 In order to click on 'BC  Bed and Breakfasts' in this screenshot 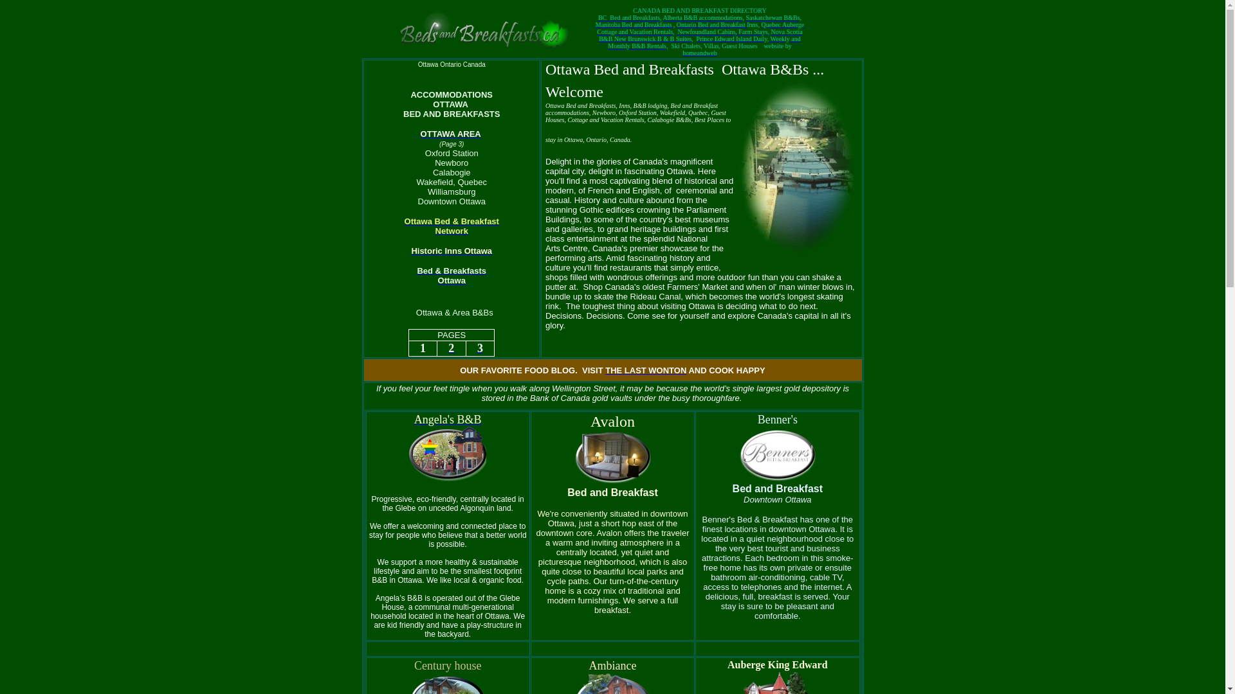, I will do `click(629, 16)`.